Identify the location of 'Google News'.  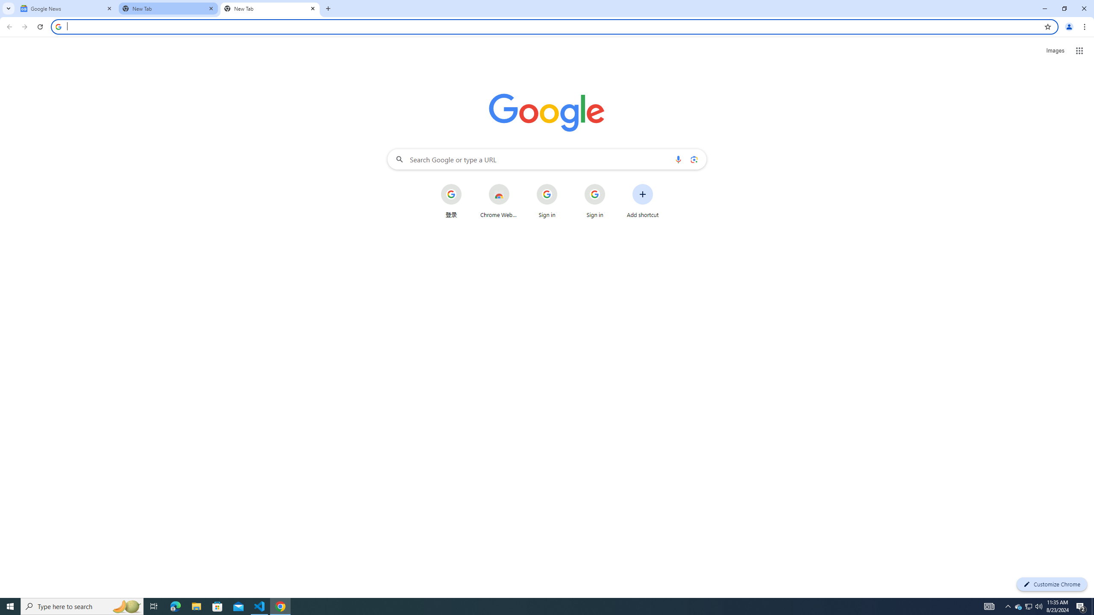
(66, 8).